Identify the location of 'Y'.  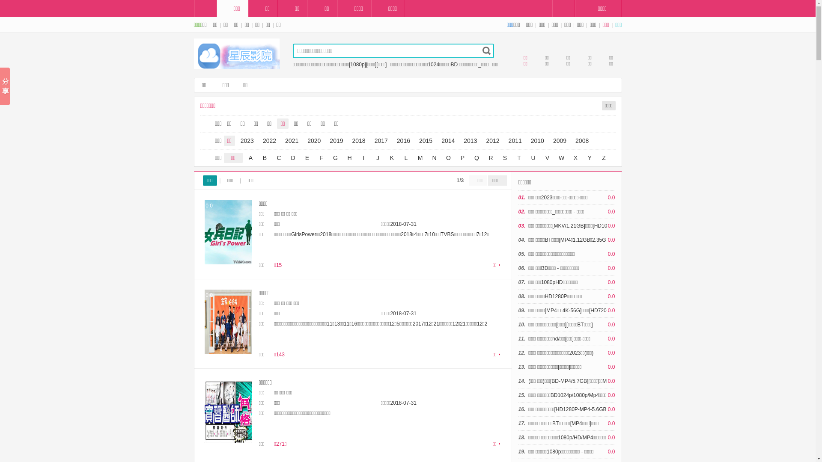
(583, 158).